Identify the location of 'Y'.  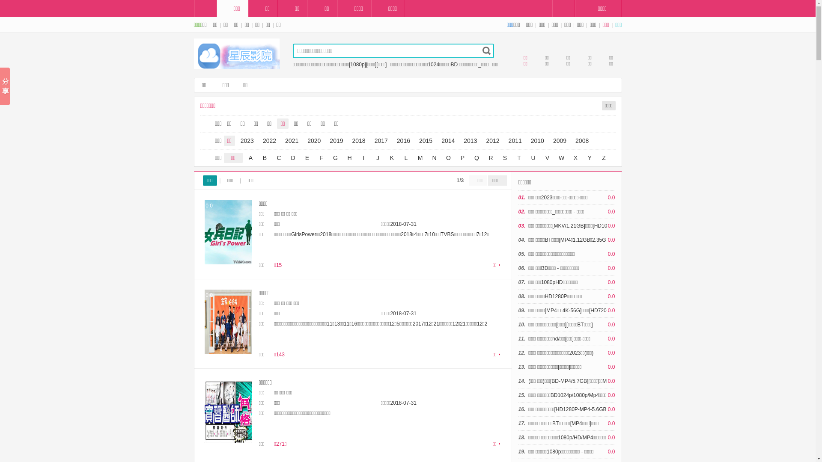
(583, 158).